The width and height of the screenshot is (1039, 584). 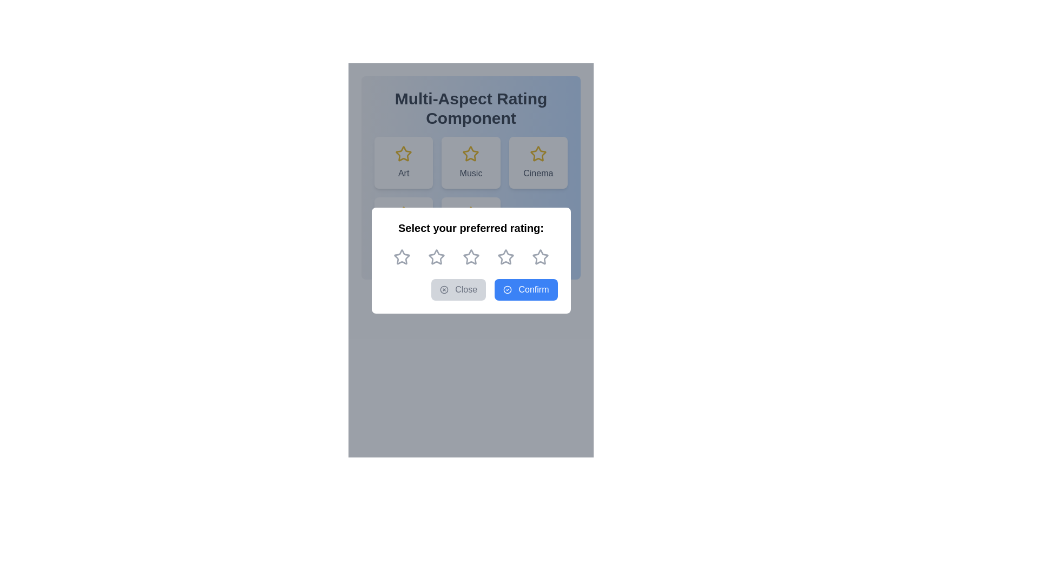 I want to click on the fourth star in the rating system, so click(x=505, y=257).